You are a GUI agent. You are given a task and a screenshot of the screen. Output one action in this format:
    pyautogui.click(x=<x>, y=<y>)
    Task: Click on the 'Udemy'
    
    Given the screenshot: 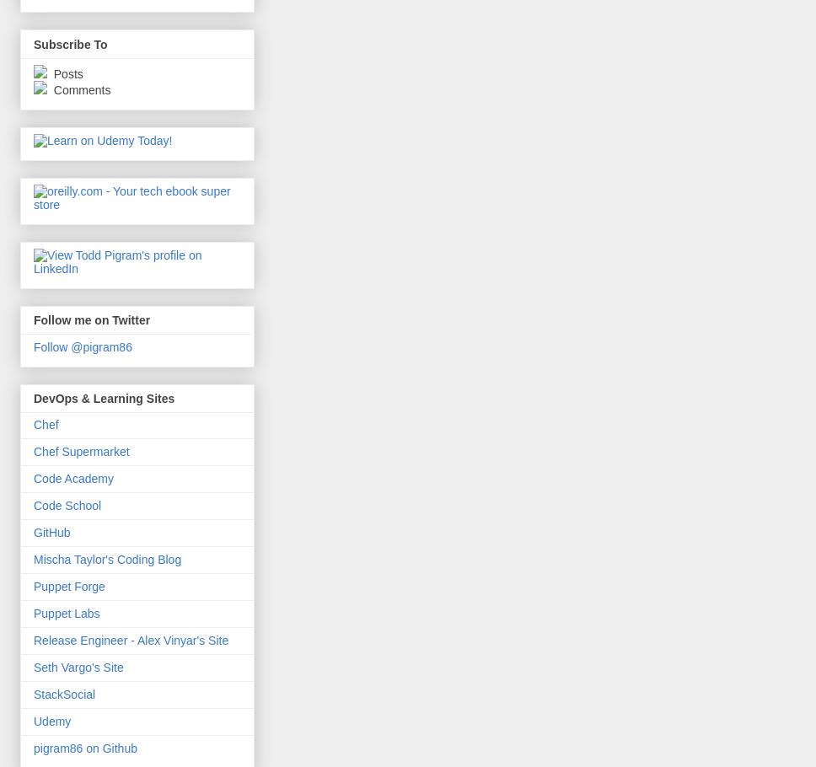 What is the action you would take?
    pyautogui.click(x=33, y=721)
    